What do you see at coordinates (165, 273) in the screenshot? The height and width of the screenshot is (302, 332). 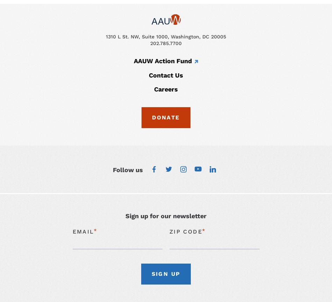 I see `'Sign Up'` at bounding box center [165, 273].